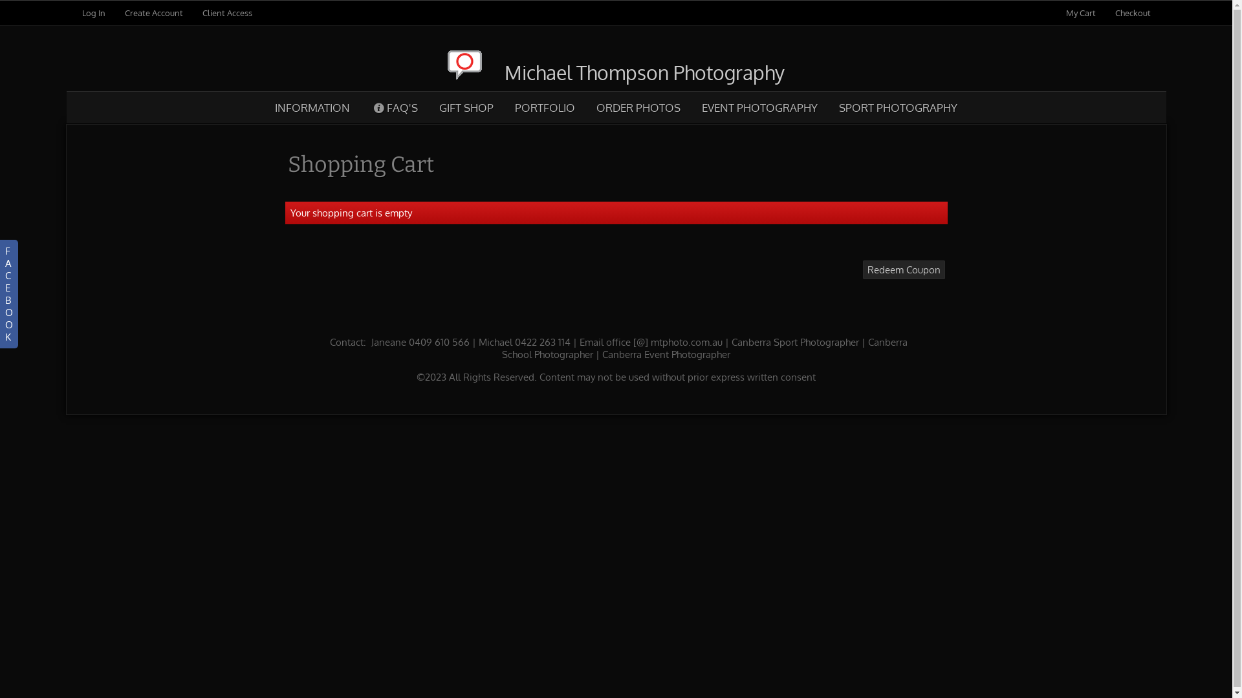  What do you see at coordinates (466, 107) in the screenshot?
I see `'GIFT SHOP'` at bounding box center [466, 107].